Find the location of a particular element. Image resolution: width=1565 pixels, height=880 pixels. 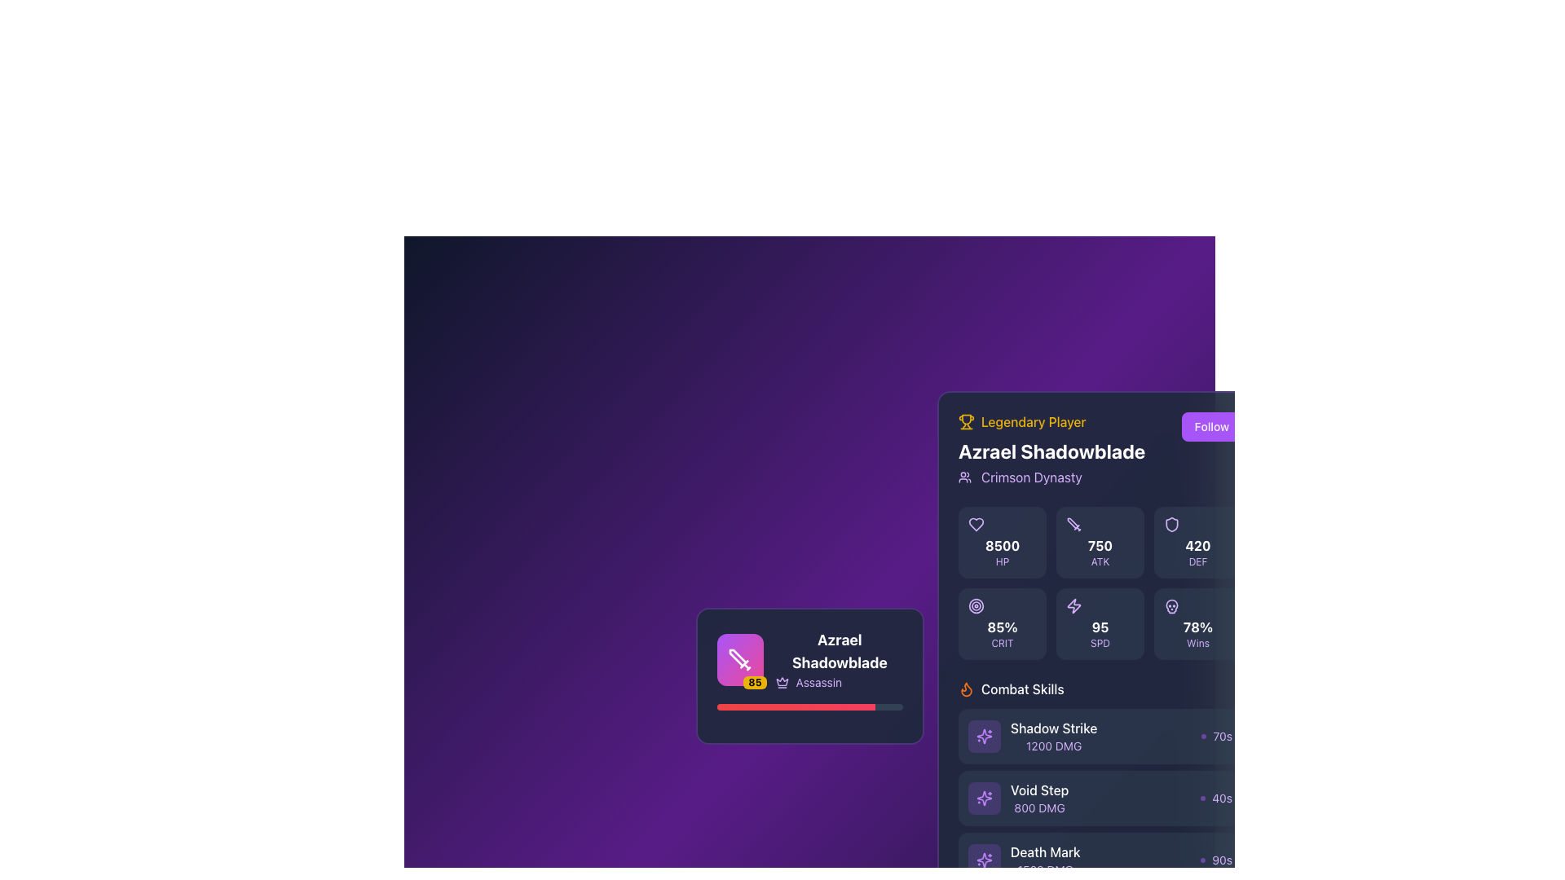

the text label displaying the name of the character or user profile, located below the 'Legendary Player' header and above the 'Crimson Dynasty' line is located at coordinates (1051, 451).